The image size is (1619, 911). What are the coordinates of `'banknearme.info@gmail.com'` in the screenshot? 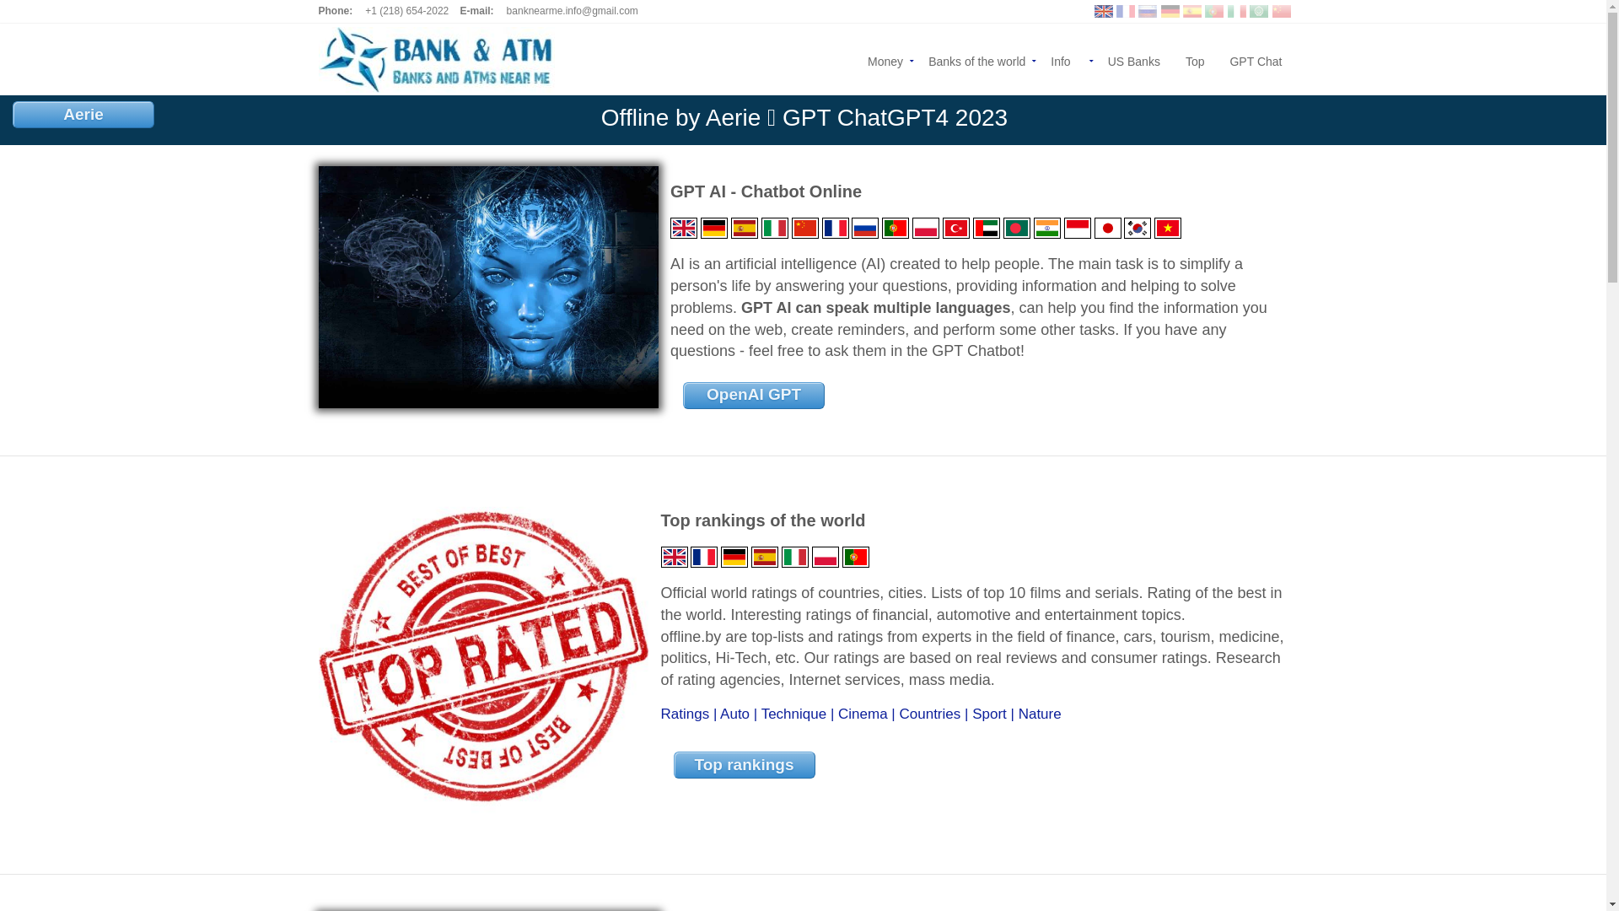 It's located at (572, 10).